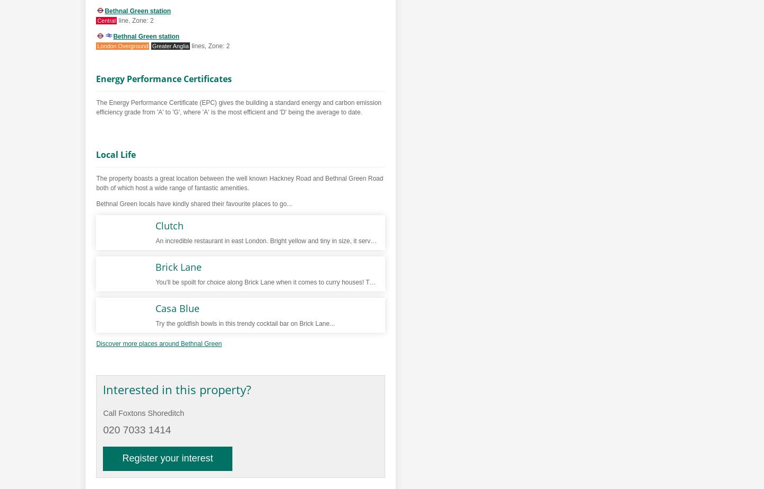 The width and height of the screenshot is (764, 489). What do you see at coordinates (177, 389) in the screenshot?
I see `'Interested in this property?'` at bounding box center [177, 389].